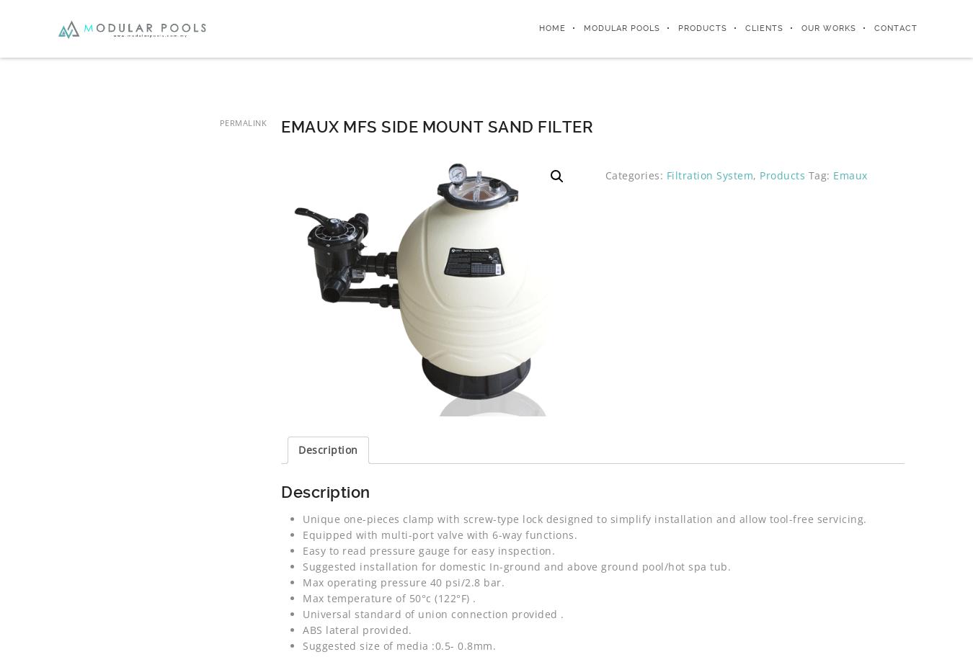  I want to click on 'Suggested installation for domestic In-ground and above ground pool/hot spa tub.', so click(302, 566).